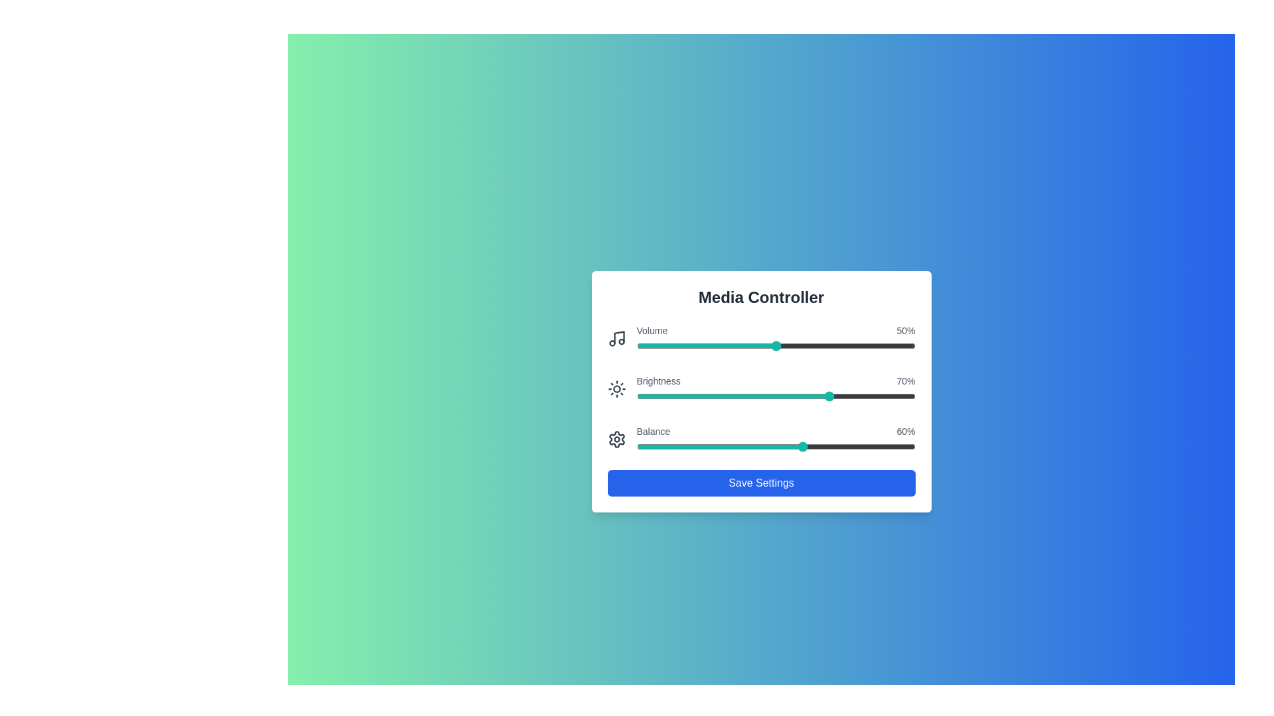 Image resolution: width=1274 pixels, height=716 pixels. What do you see at coordinates (847, 447) in the screenshot?
I see `the balance slider handle to set the balance to 76%` at bounding box center [847, 447].